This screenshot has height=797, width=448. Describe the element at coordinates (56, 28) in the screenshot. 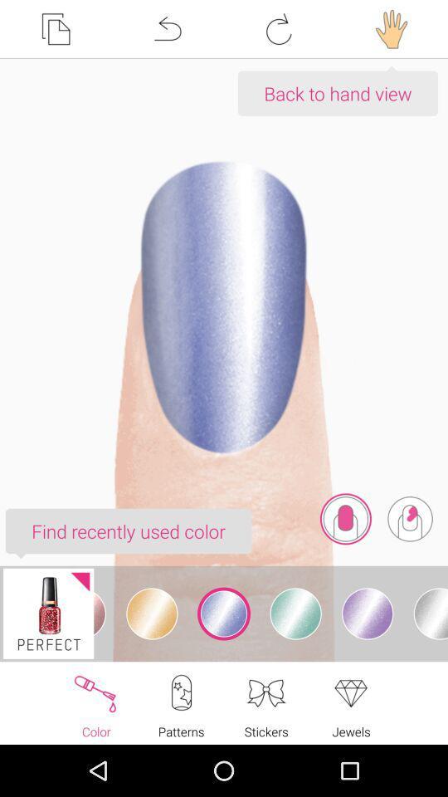

I see `the icon at the top left corner` at that location.